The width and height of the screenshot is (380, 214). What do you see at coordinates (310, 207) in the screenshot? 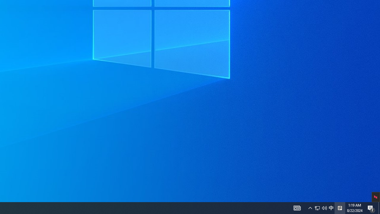
I see `'Notification Chevron'` at bounding box center [310, 207].